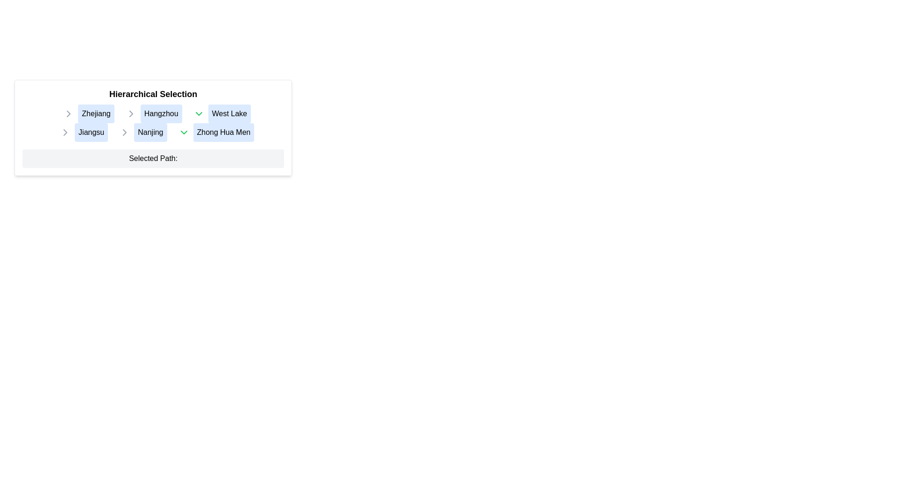  What do you see at coordinates (229, 113) in the screenshot?
I see `the button` at bounding box center [229, 113].